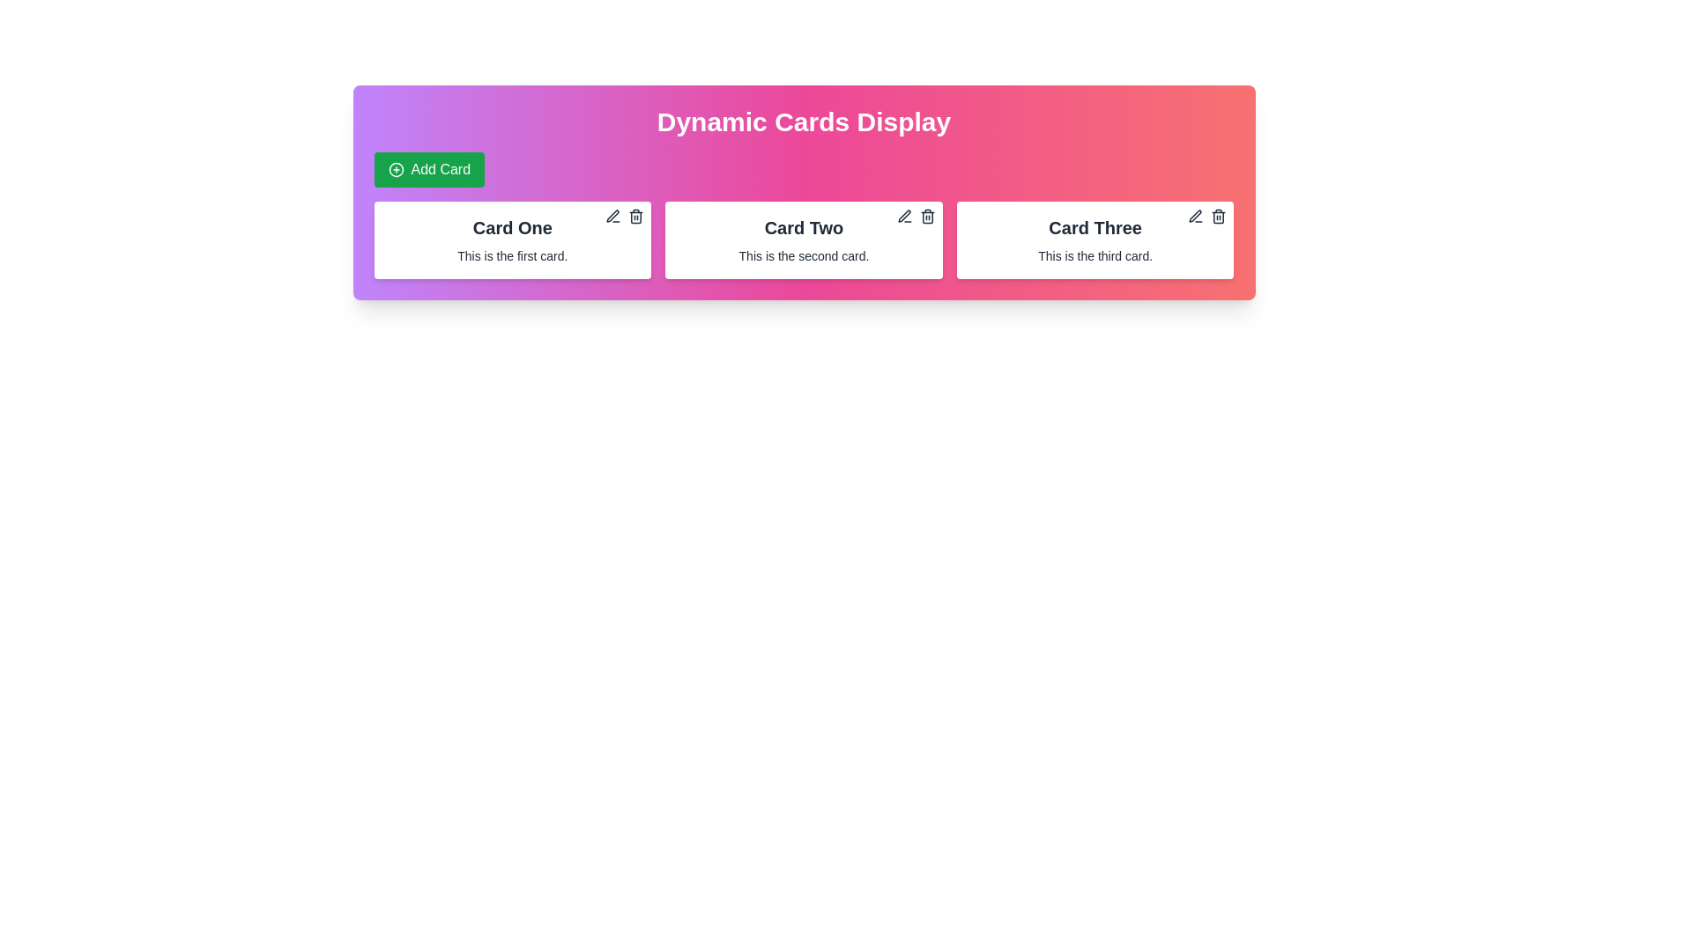 The width and height of the screenshot is (1692, 951). Describe the element at coordinates (926, 216) in the screenshot. I see `the delete icon button located in the top-right corner of 'Card Two', which is adjacent to the pencil icon` at that location.